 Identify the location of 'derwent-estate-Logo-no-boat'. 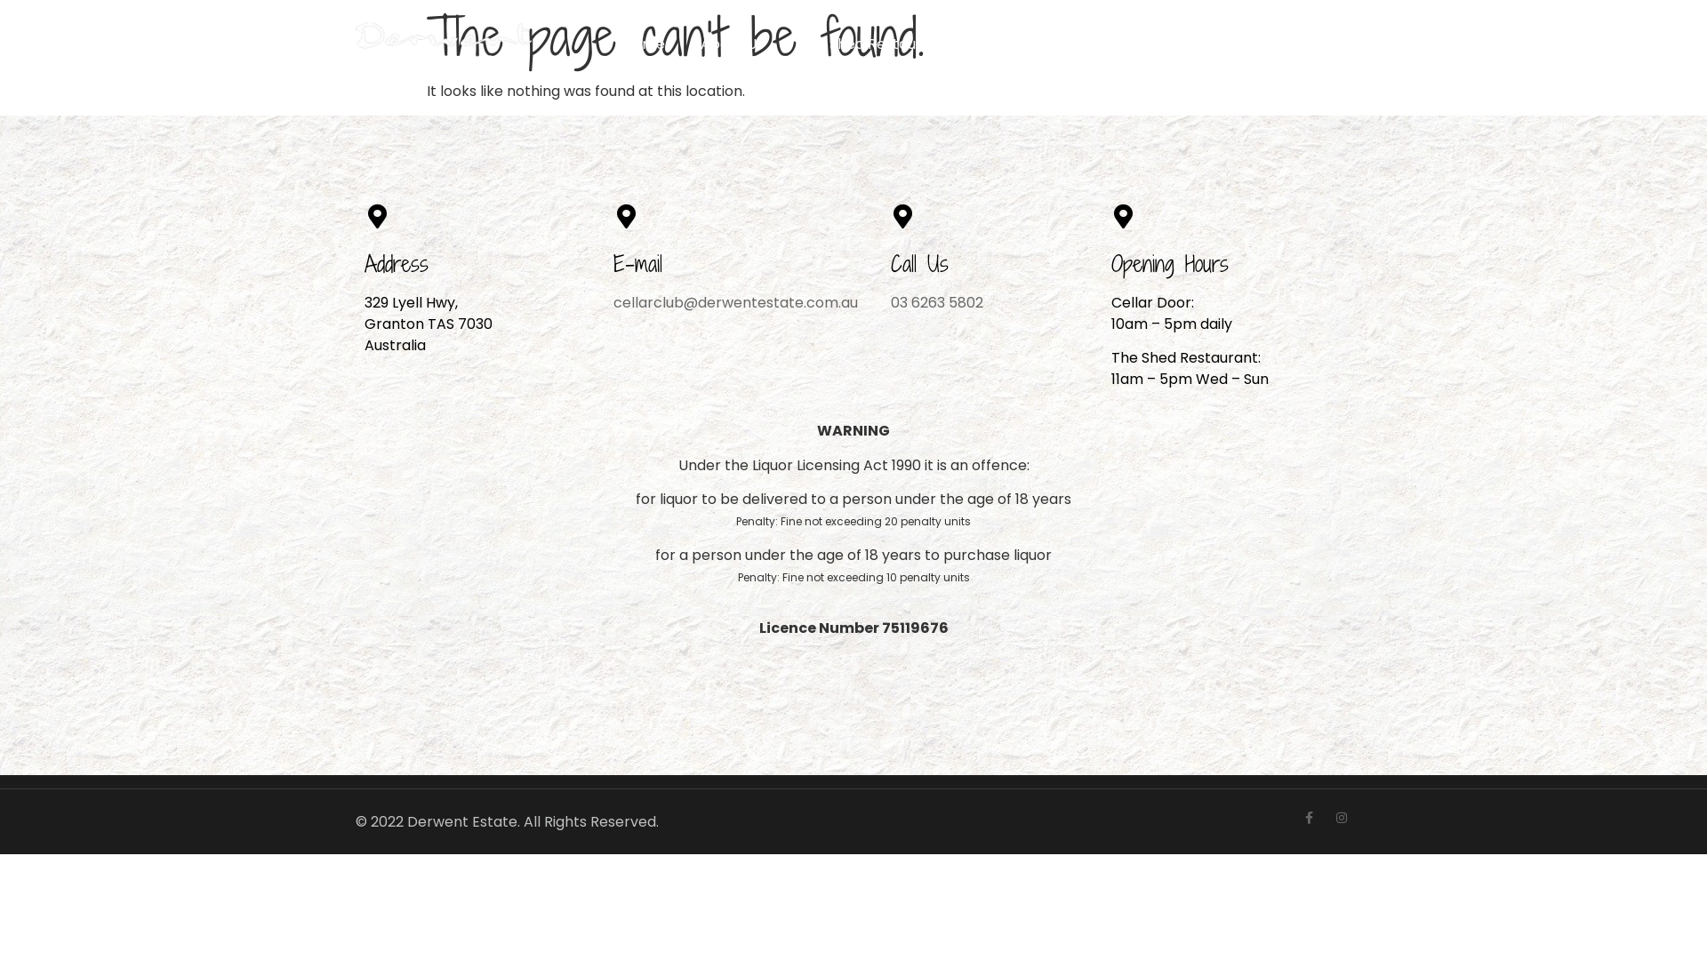
(445, 44).